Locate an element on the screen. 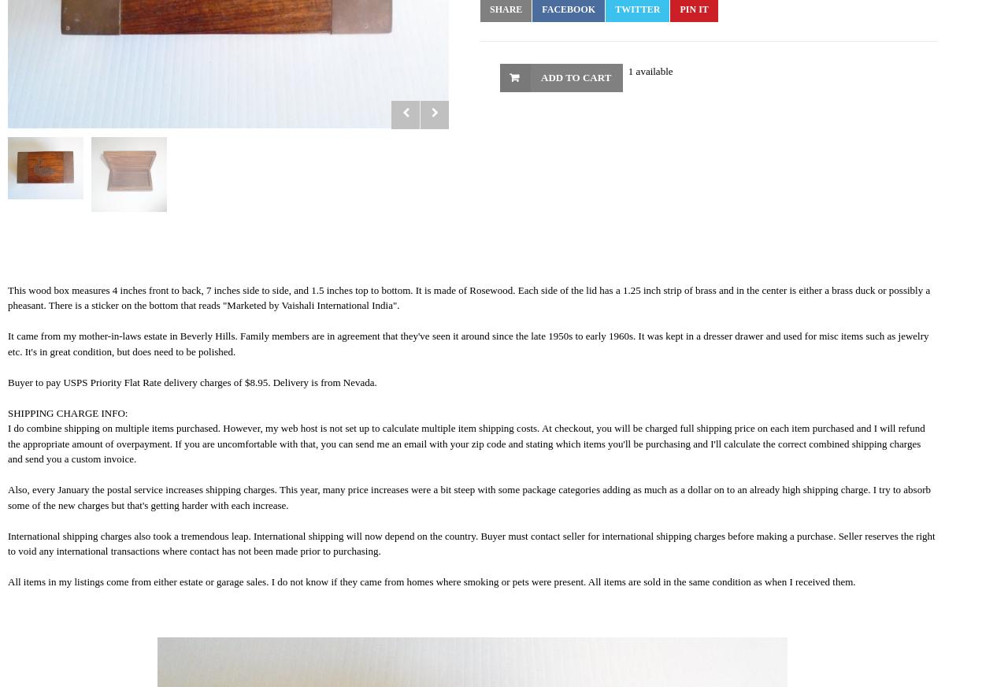  'This wood box measures 4 inches front to back, 7 inches side to side, and 1.5 inches top to bottom. It is made of Rosewood. Each side of the lid has a 1.25 inch strip of brass and in the center is either a brass duck or possibly a pheasant. There is a sticker on the bottom that reads "Marketed by Vaishali International India".' is located at coordinates (468, 297).